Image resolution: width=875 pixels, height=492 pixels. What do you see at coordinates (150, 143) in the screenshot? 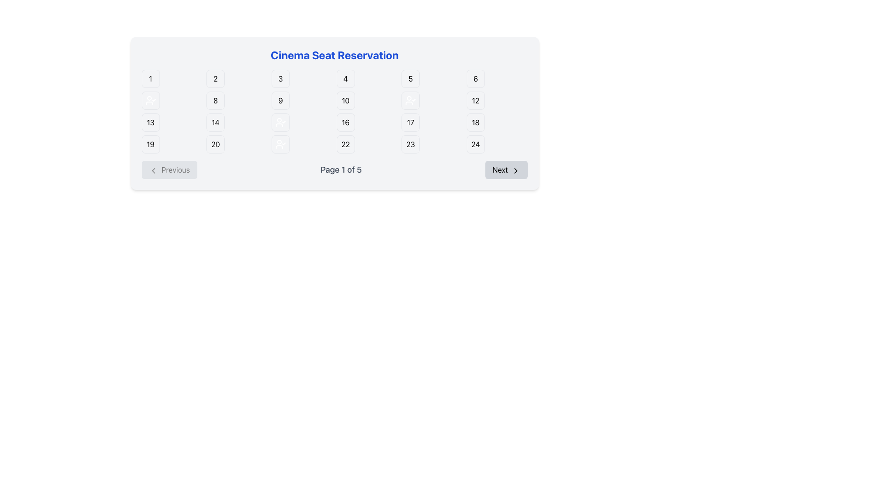
I see `the button-like component with the number '19' located in the bottom-left corner of the grid layout` at bounding box center [150, 143].